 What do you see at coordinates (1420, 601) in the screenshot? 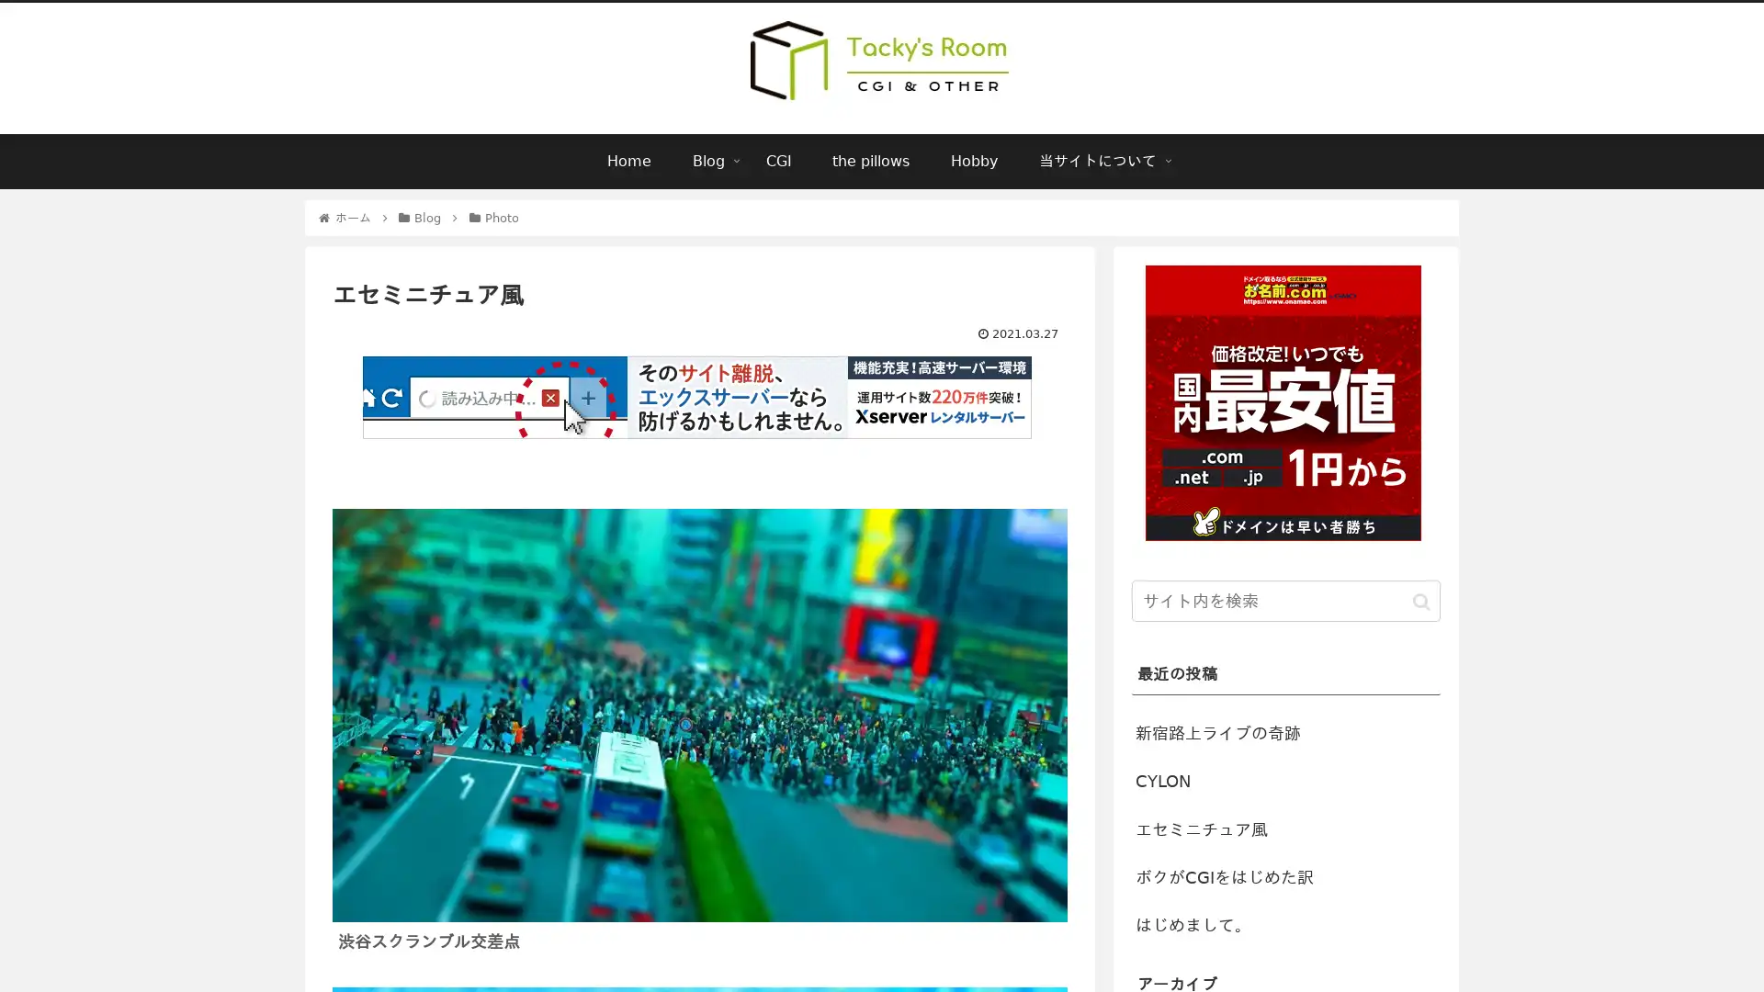
I see `button` at bounding box center [1420, 601].